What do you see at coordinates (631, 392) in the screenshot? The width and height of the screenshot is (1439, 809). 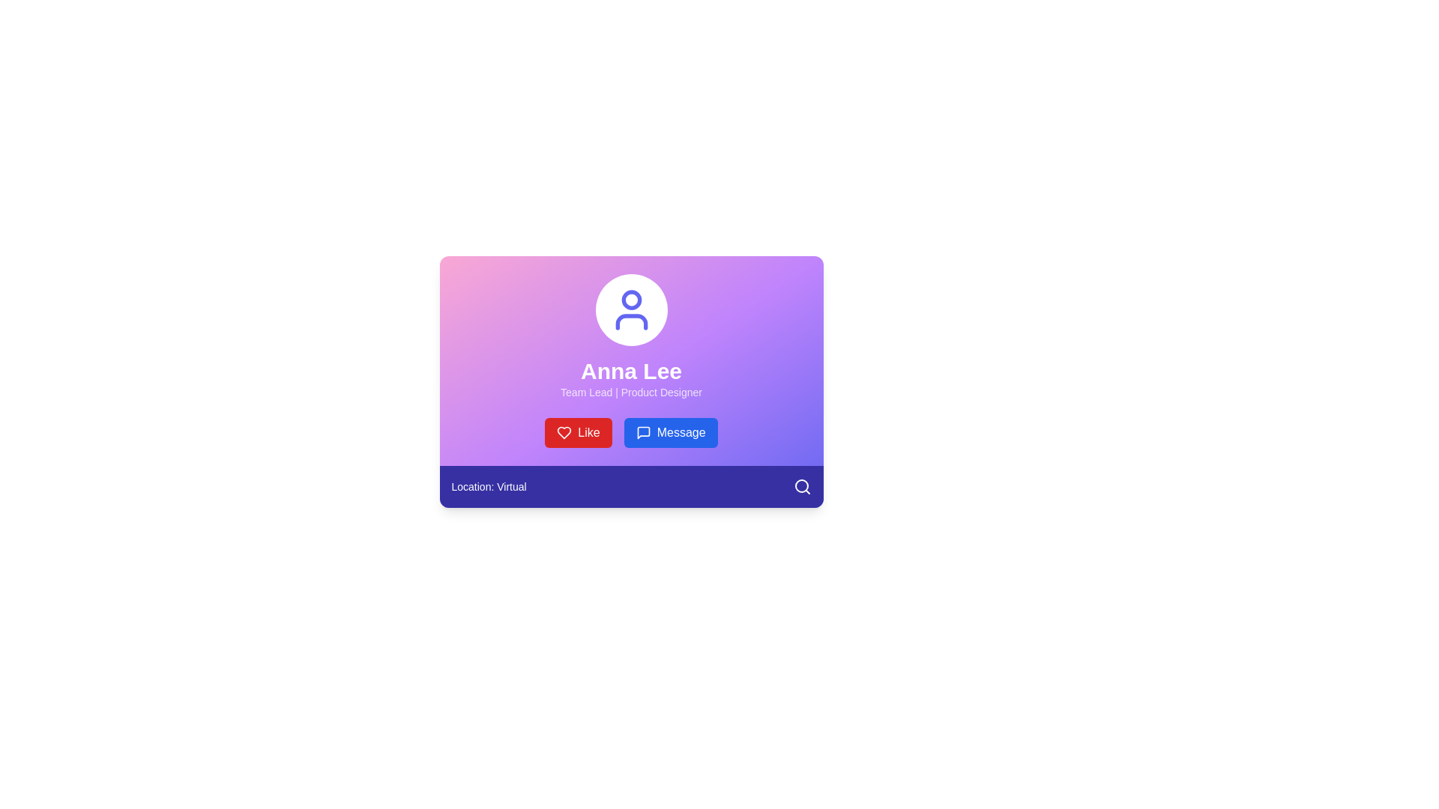 I see `the text element that describes the professional position of 'Anna Lee', which is located within a card layout, positioned below the 'Anna Lee' text and above the 'Like' and 'Message' buttons` at bounding box center [631, 392].